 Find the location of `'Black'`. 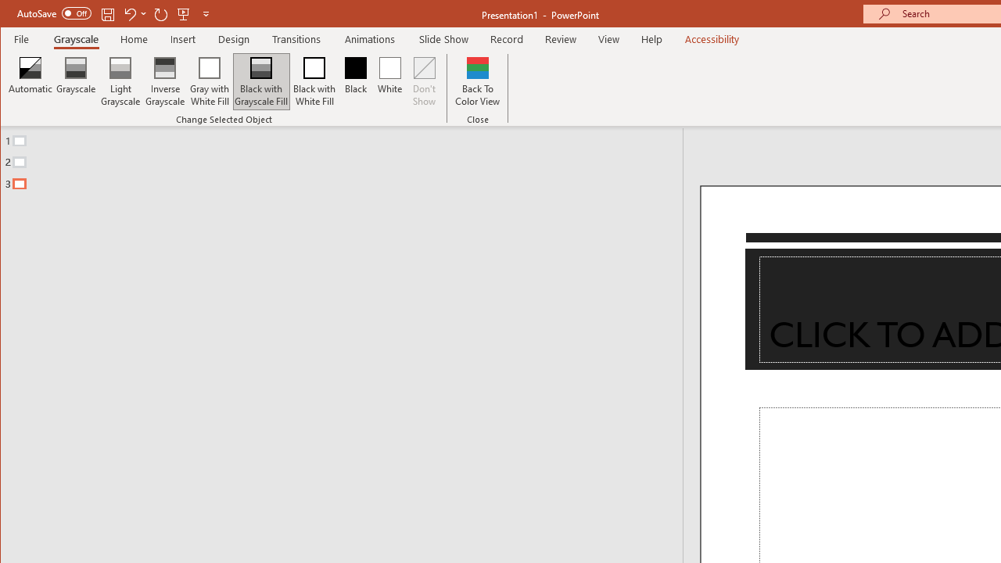

'Black' is located at coordinates (355, 81).